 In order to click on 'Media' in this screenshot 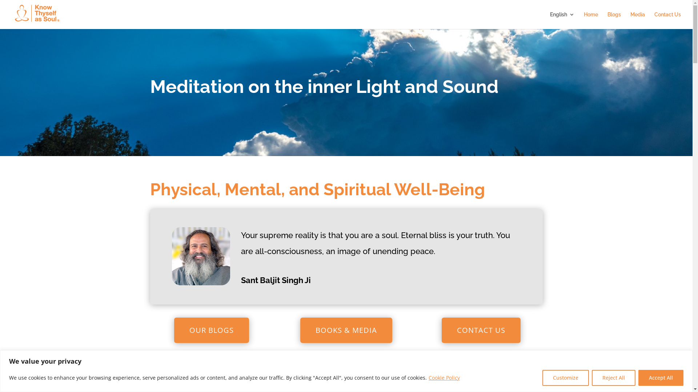, I will do `click(637, 20)`.